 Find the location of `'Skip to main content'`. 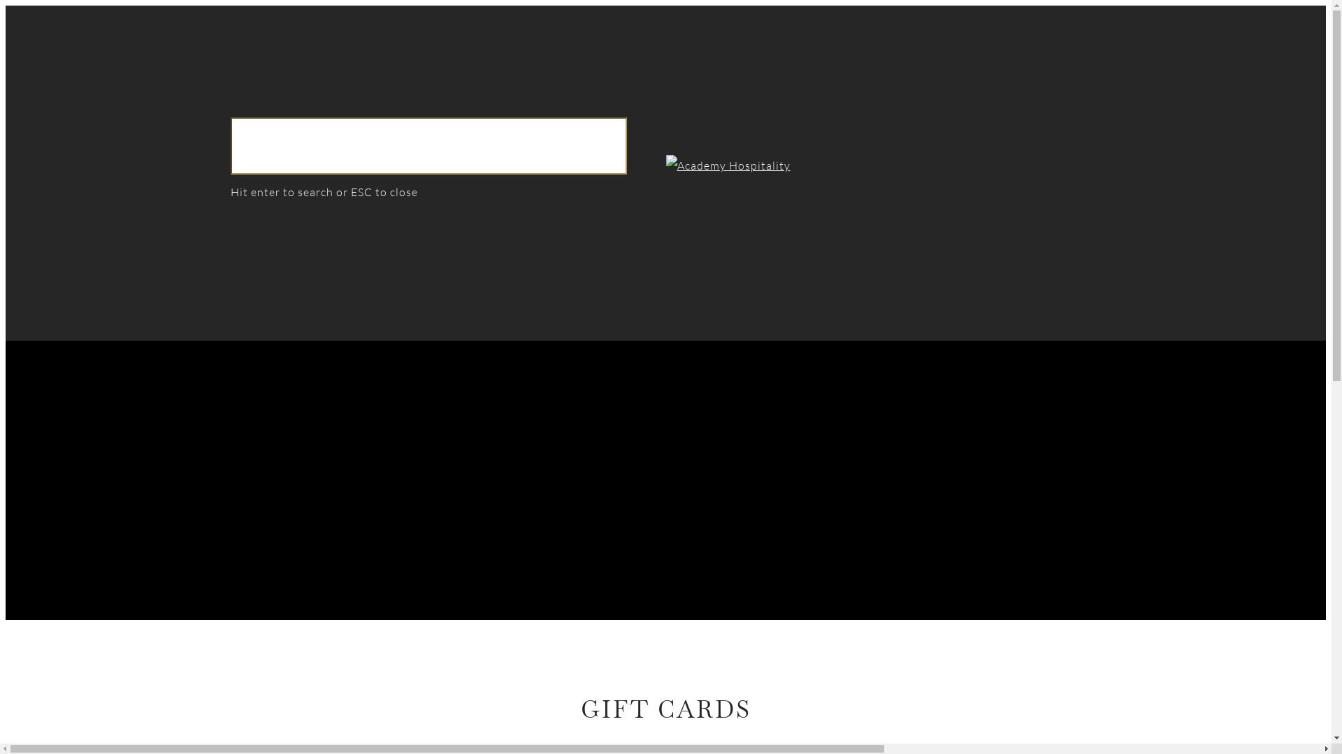

'Skip to main content' is located at coordinates (5, 5).